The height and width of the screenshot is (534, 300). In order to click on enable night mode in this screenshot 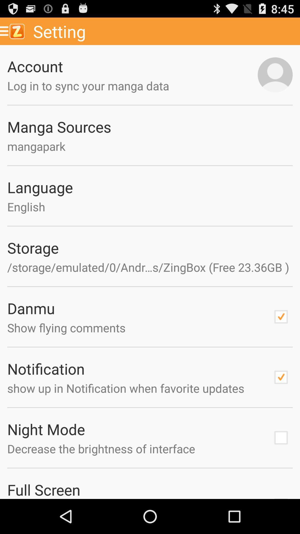, I will do `click(281, 437)`.